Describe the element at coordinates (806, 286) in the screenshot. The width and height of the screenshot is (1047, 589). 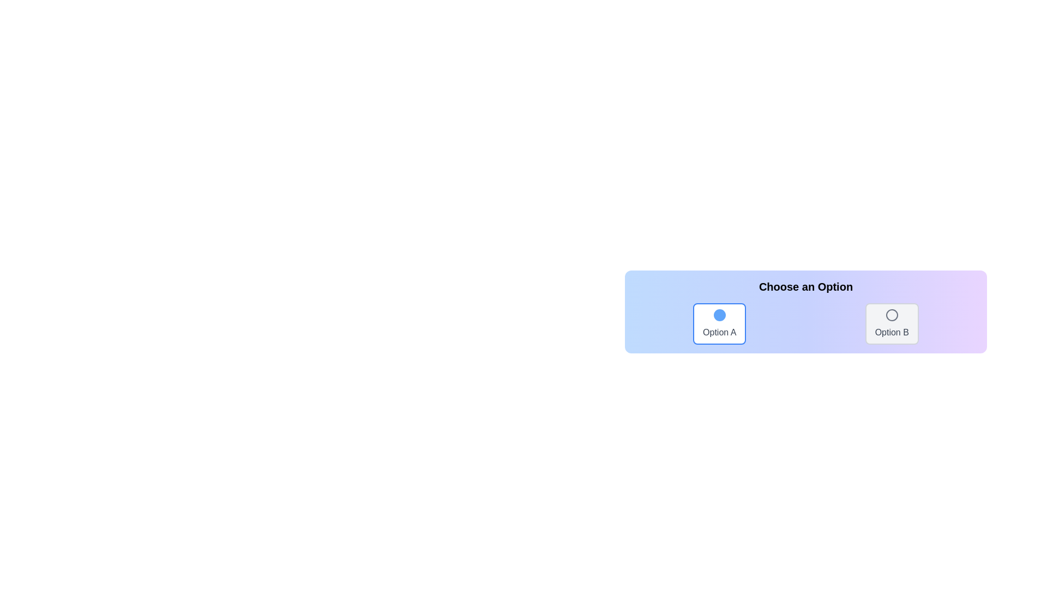
I see `the bold black text label that reads 'Choose an Option', which is centered horizontally at the top of a gradient-colored card` at that location.